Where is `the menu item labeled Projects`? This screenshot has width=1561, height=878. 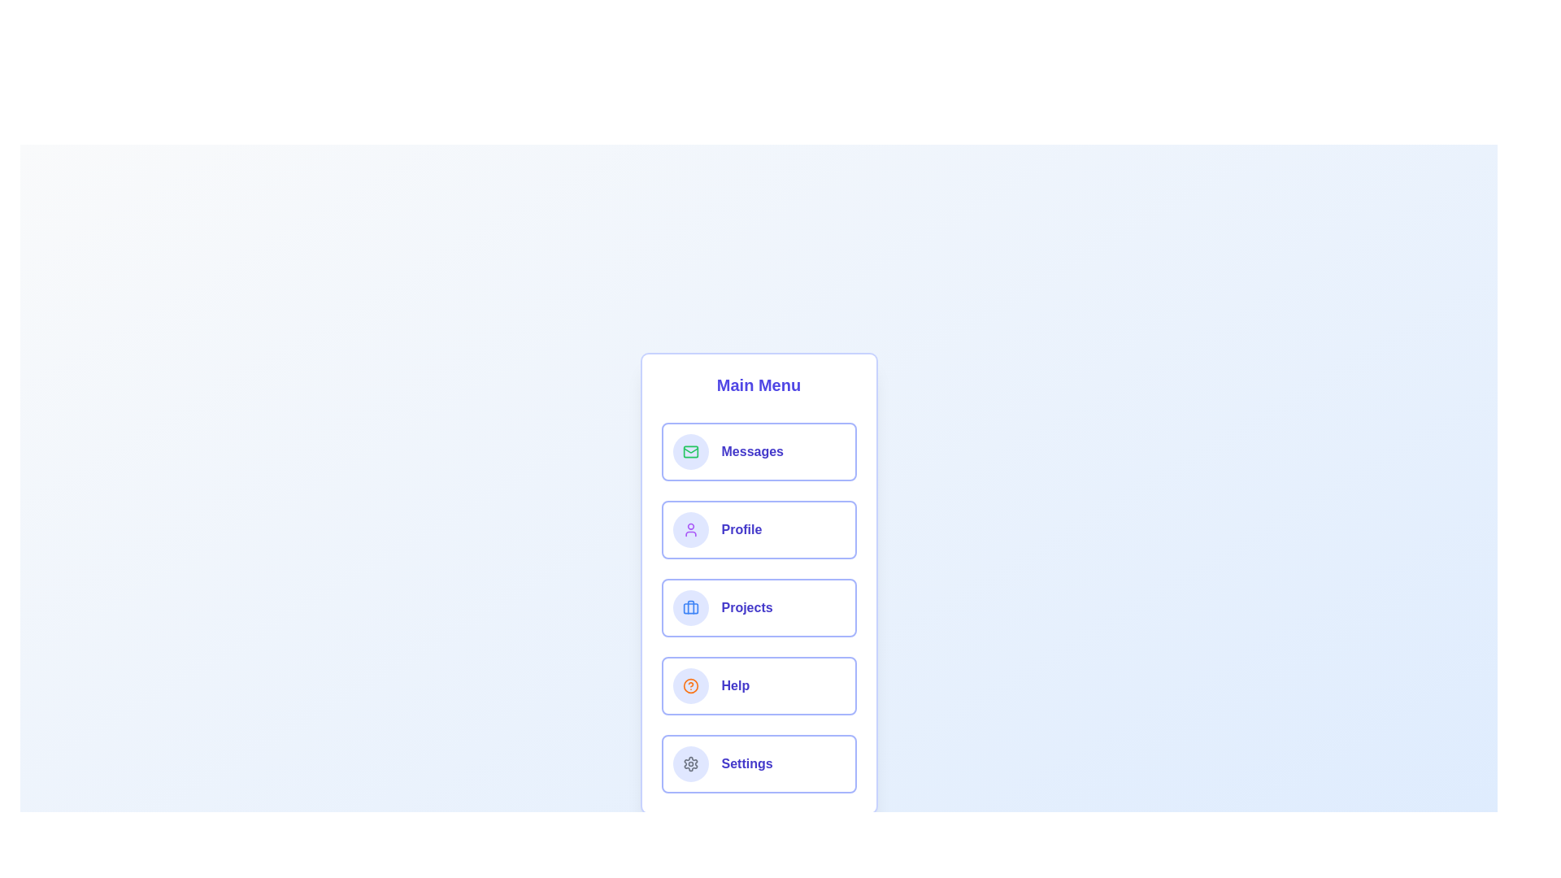
the menu item labeled Projects is located at coordinates (758, 608).